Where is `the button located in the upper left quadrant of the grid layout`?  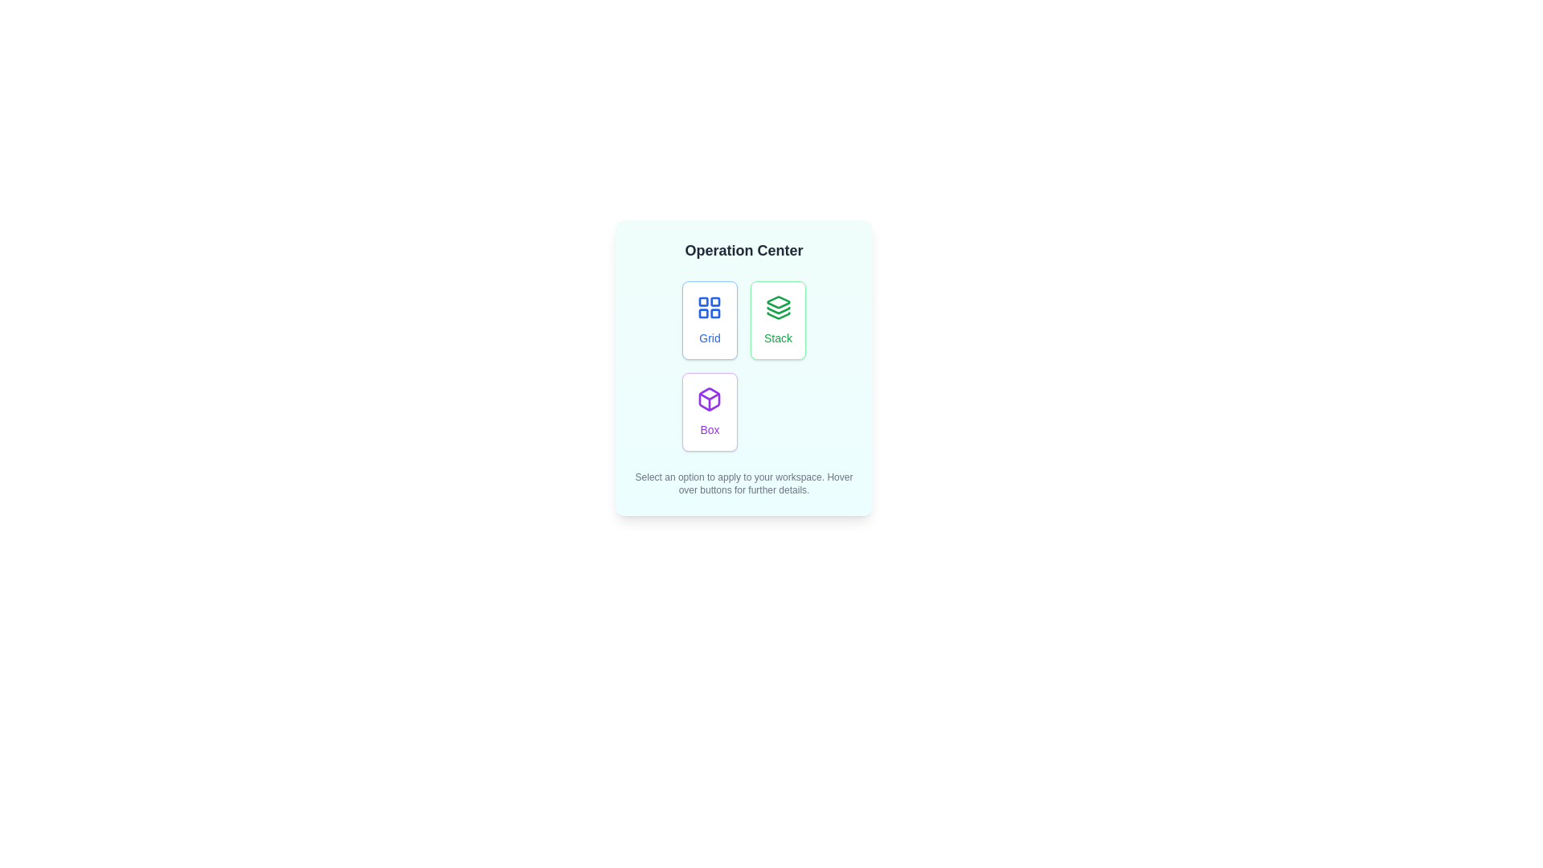
the button located in the upper left quadrant of the grid layout is located at coordinates (709, 320).